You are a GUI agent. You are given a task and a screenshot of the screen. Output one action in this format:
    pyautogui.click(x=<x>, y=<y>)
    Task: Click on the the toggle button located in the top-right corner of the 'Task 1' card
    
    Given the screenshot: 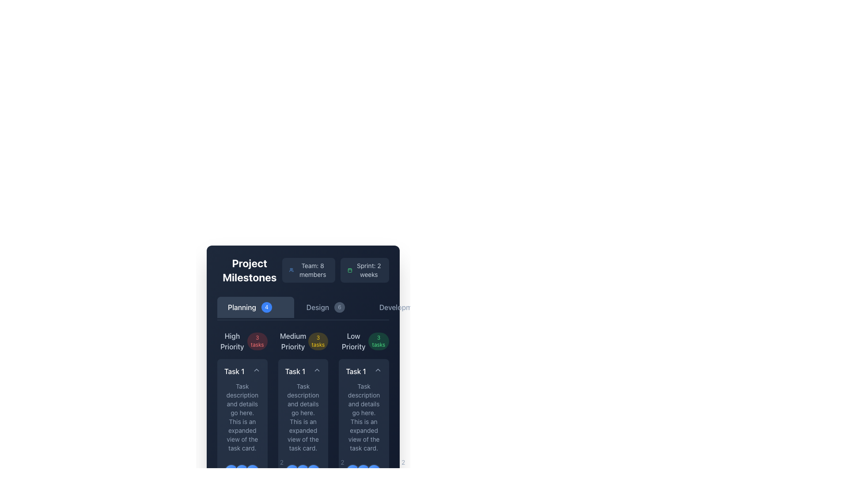 What is the action you would take?
    pyautogui.click(x=256, y=370)
    